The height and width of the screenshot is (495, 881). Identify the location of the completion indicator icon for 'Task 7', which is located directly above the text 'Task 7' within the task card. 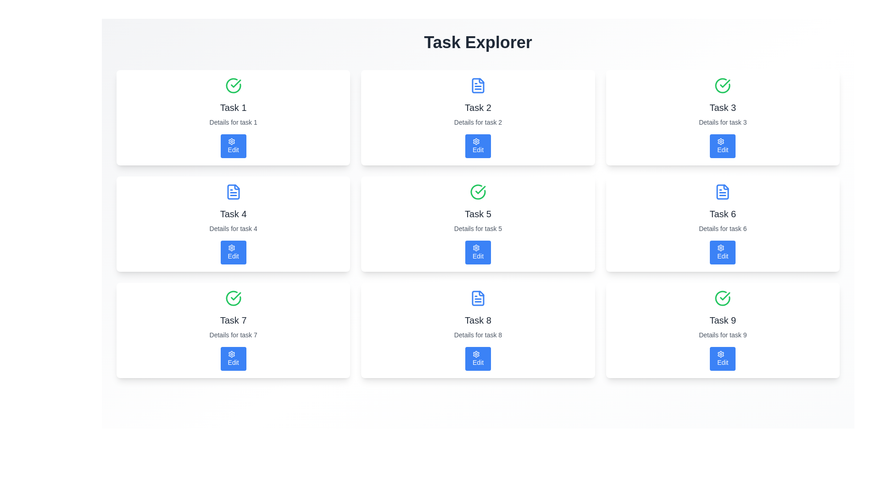
(233, 298).